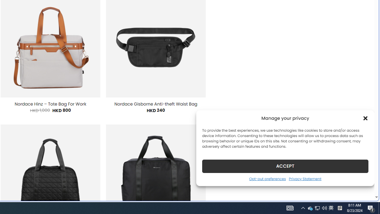 This screenshot has width=380, height=214. I want to click on 'Class: cmplz-close', so click(365, 118).